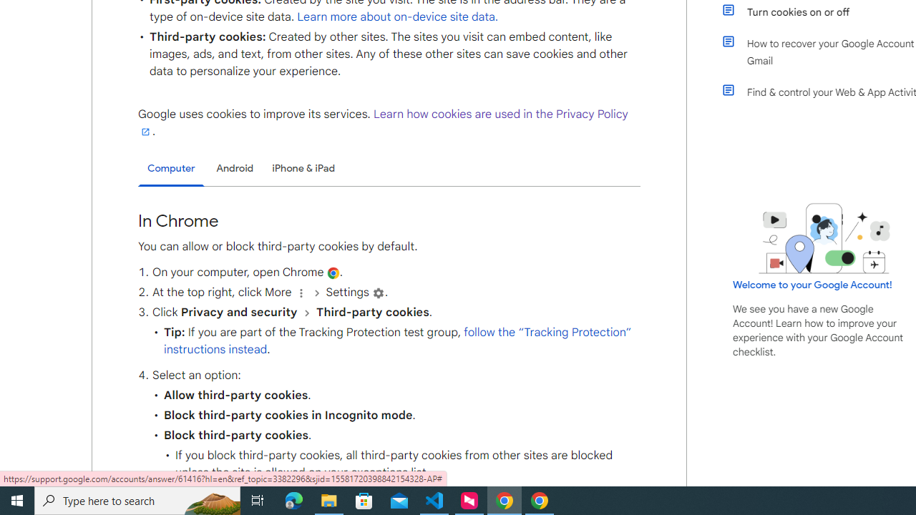 This screenshot has height=515, width=916. What do you see at coordinates (235, 167) in the screenshot?
I see `'Android'` at bounding box center [235, 167].